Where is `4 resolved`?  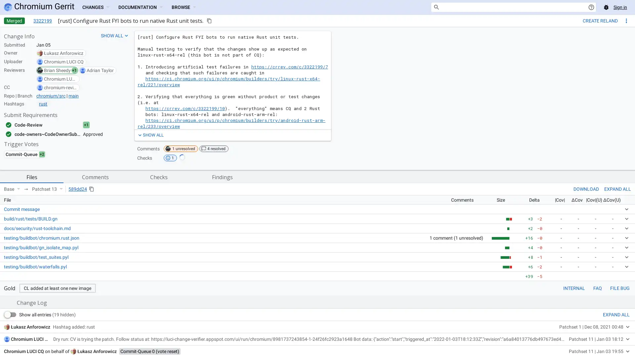
4 resolved is located at coordinates (214, 149).